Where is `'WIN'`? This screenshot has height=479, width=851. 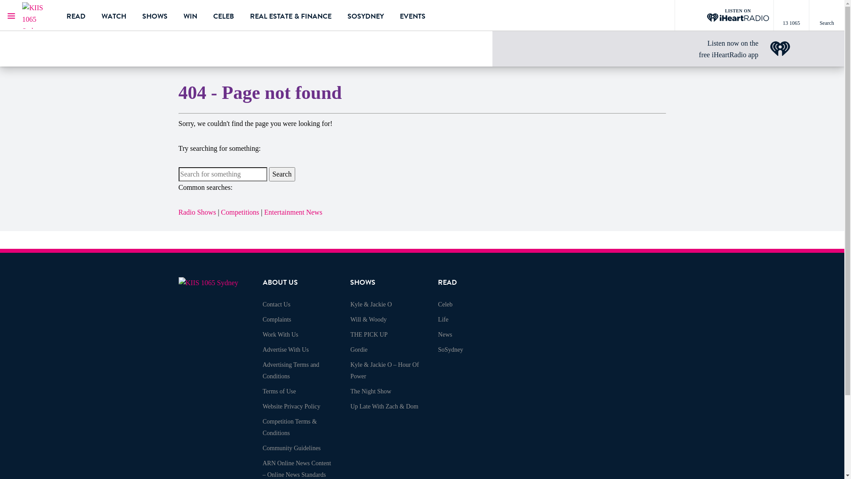
'WIN' is located at coordinates (190, 15).